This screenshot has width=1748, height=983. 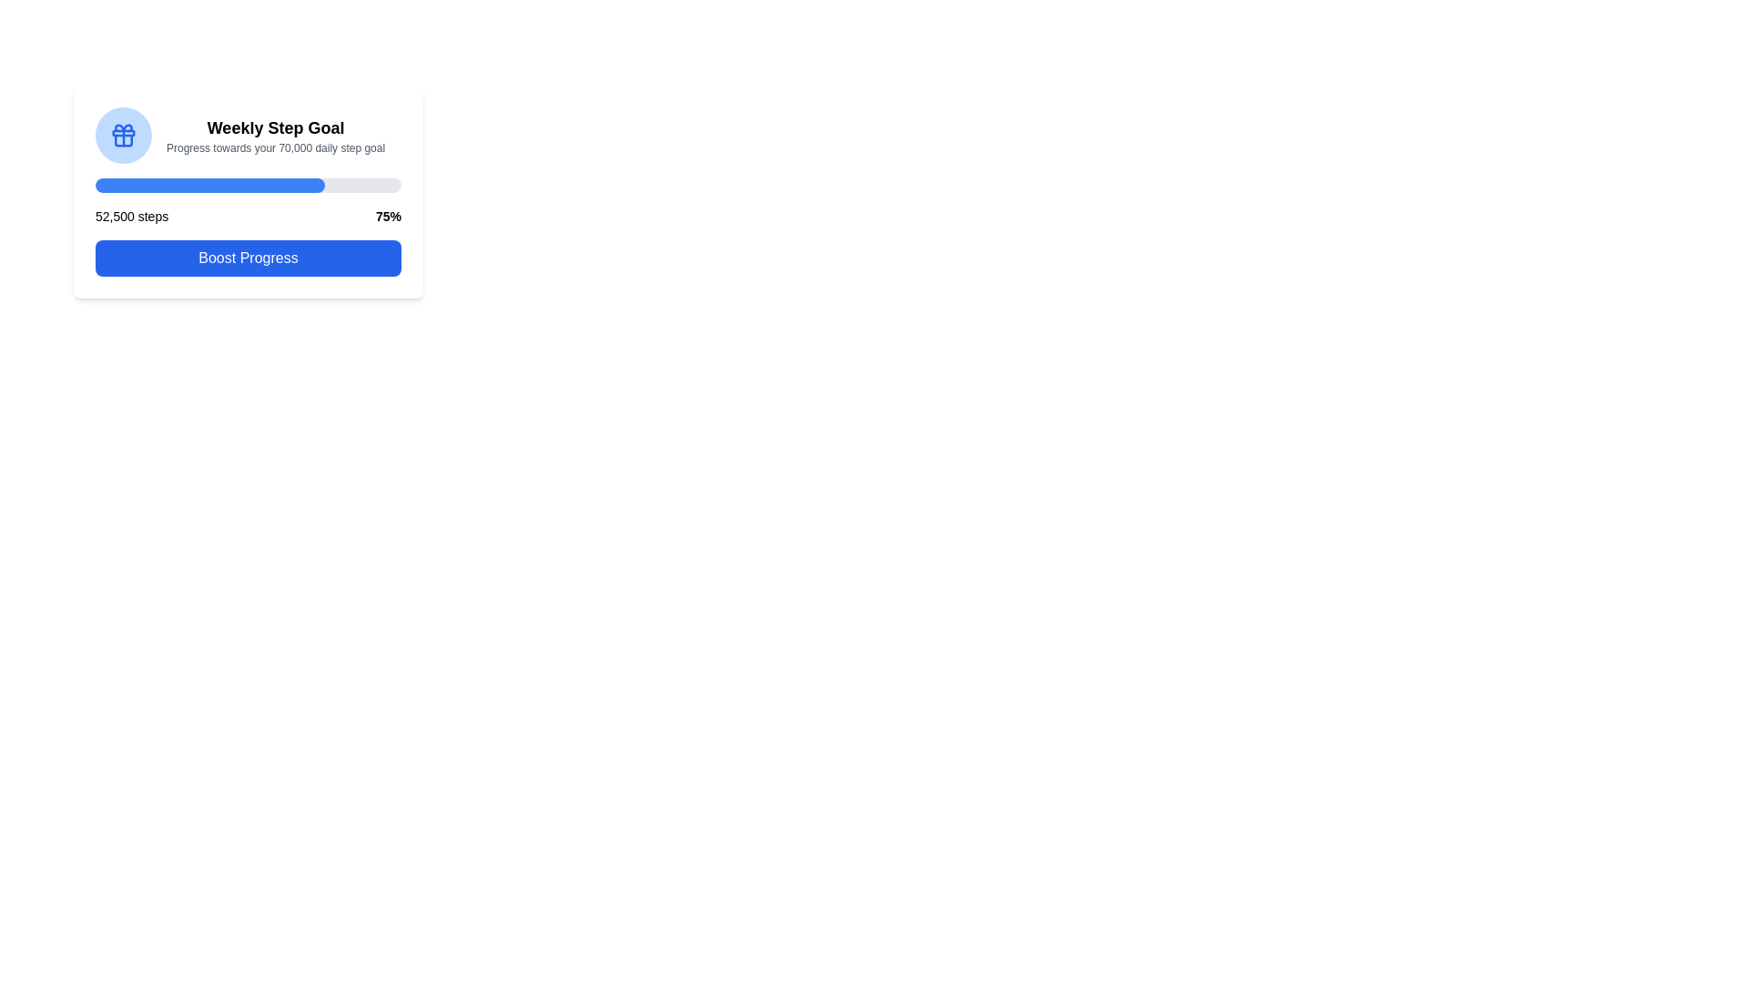 What do you see at coordinates (209, 186) in the screenshot?
I see `the blue progress bar that visually represents a completion status, positioned centrally below the 'Weekly Step Goal' text` at bounding box center [209, 186].